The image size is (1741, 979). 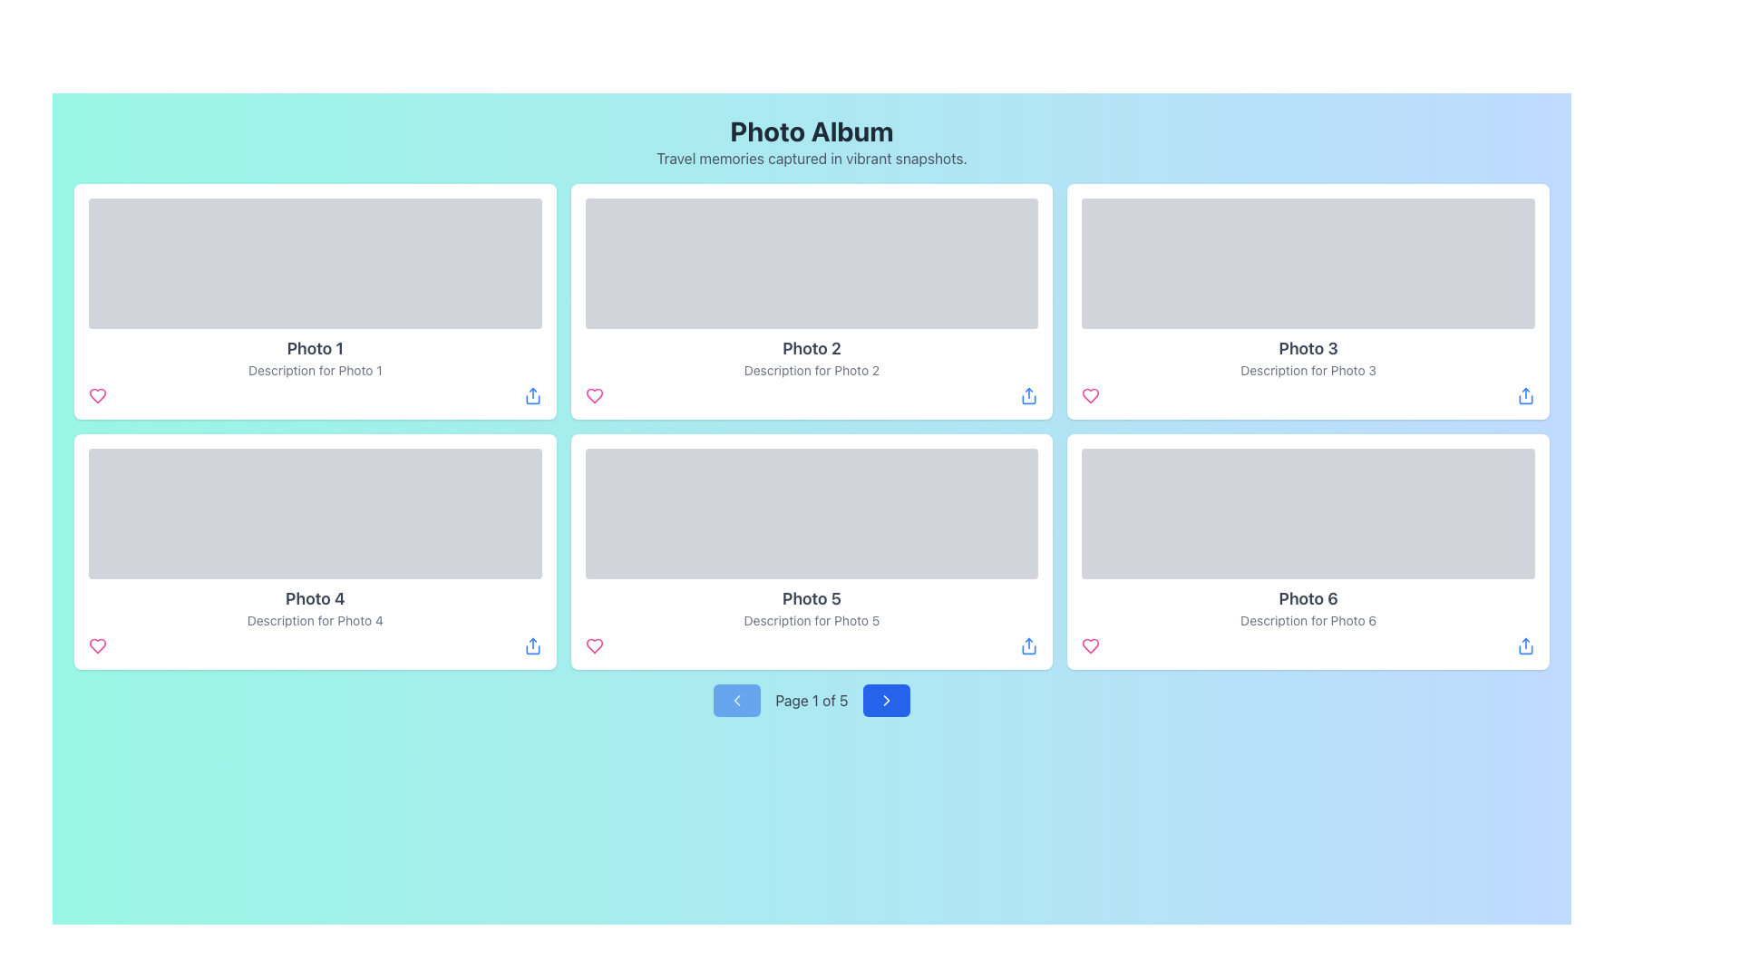 What do you see at coordinates (315, 620) in the screenshot?
I see `the text element that provides a brief description for 'Photo 4', located directly under the 'Photo 4' title within the fourth card of a grid layout` at bounding box center [315, 620].